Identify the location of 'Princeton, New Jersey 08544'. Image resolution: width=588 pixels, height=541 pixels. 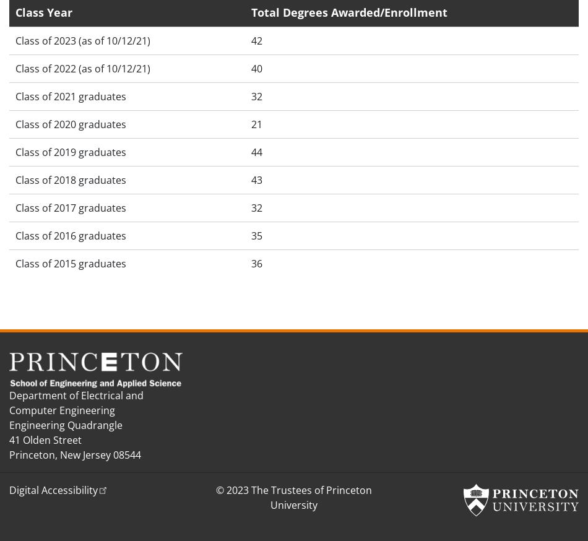
(9, 453).